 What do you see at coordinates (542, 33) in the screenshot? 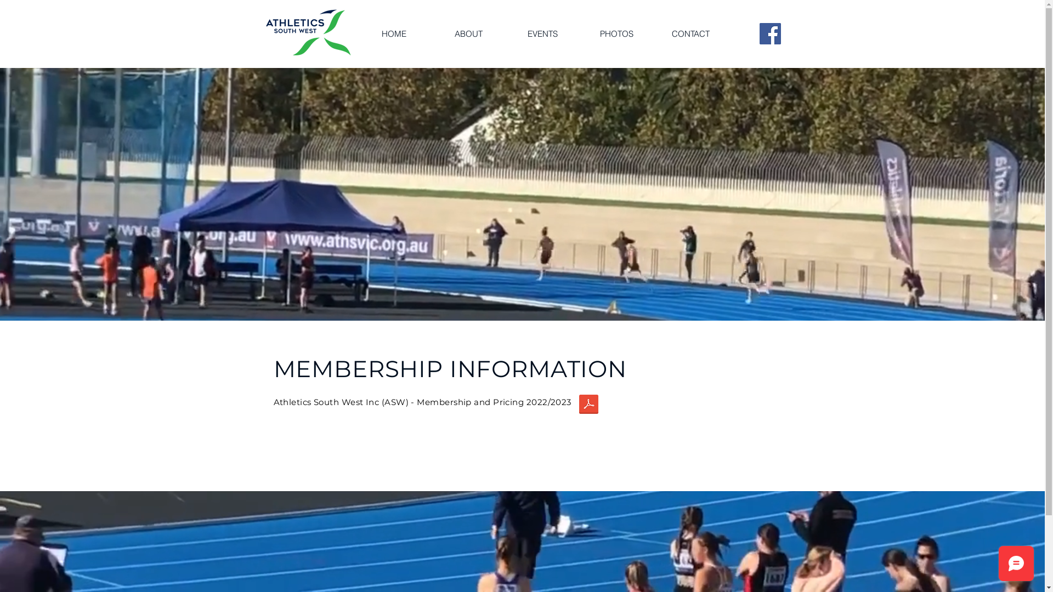
I see `'EVENTS'` at bounding box center [542, 33].